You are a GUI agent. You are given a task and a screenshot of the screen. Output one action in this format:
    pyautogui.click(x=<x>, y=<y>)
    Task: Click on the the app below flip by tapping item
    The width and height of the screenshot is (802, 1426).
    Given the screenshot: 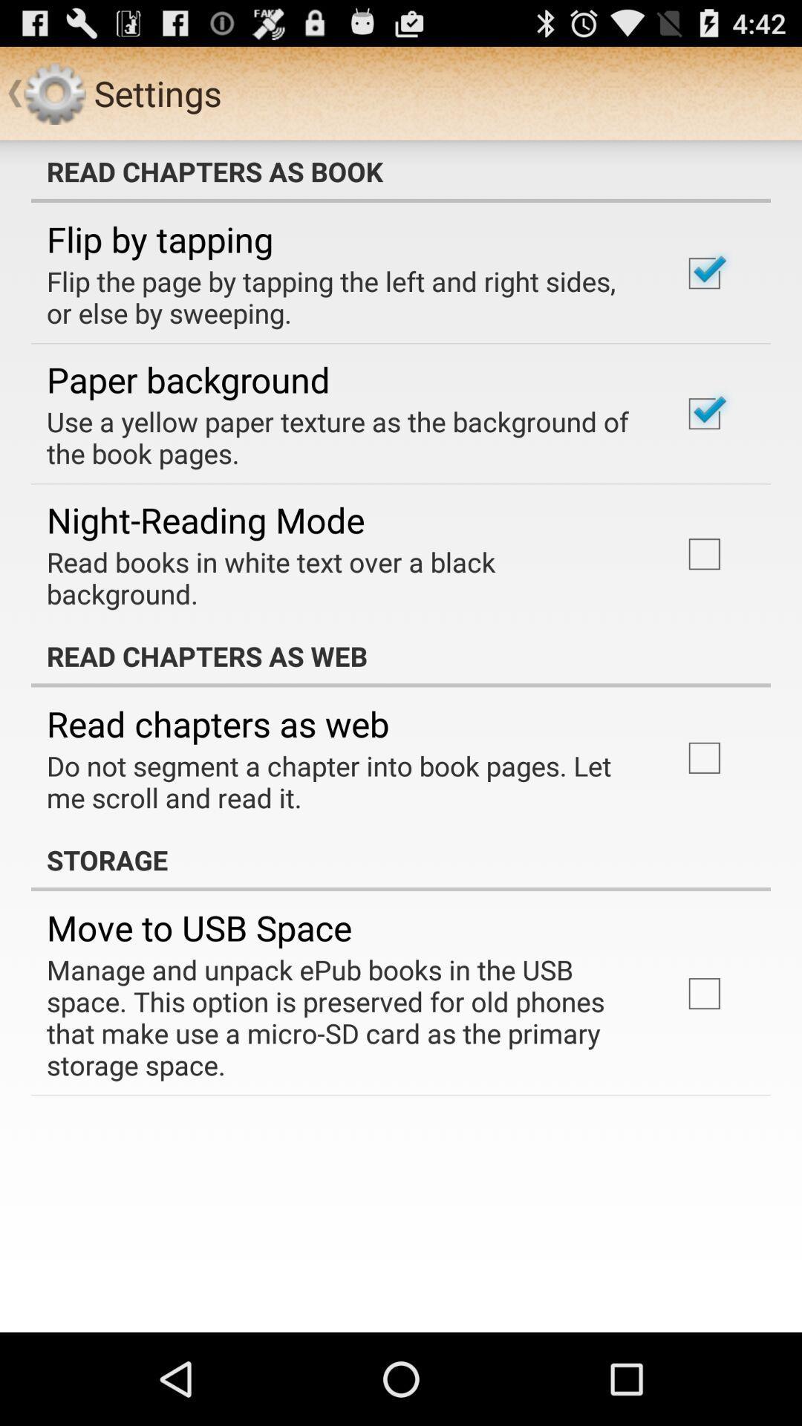 What is the action you would take?
    pyautogui.click(x=344, y=297)
    